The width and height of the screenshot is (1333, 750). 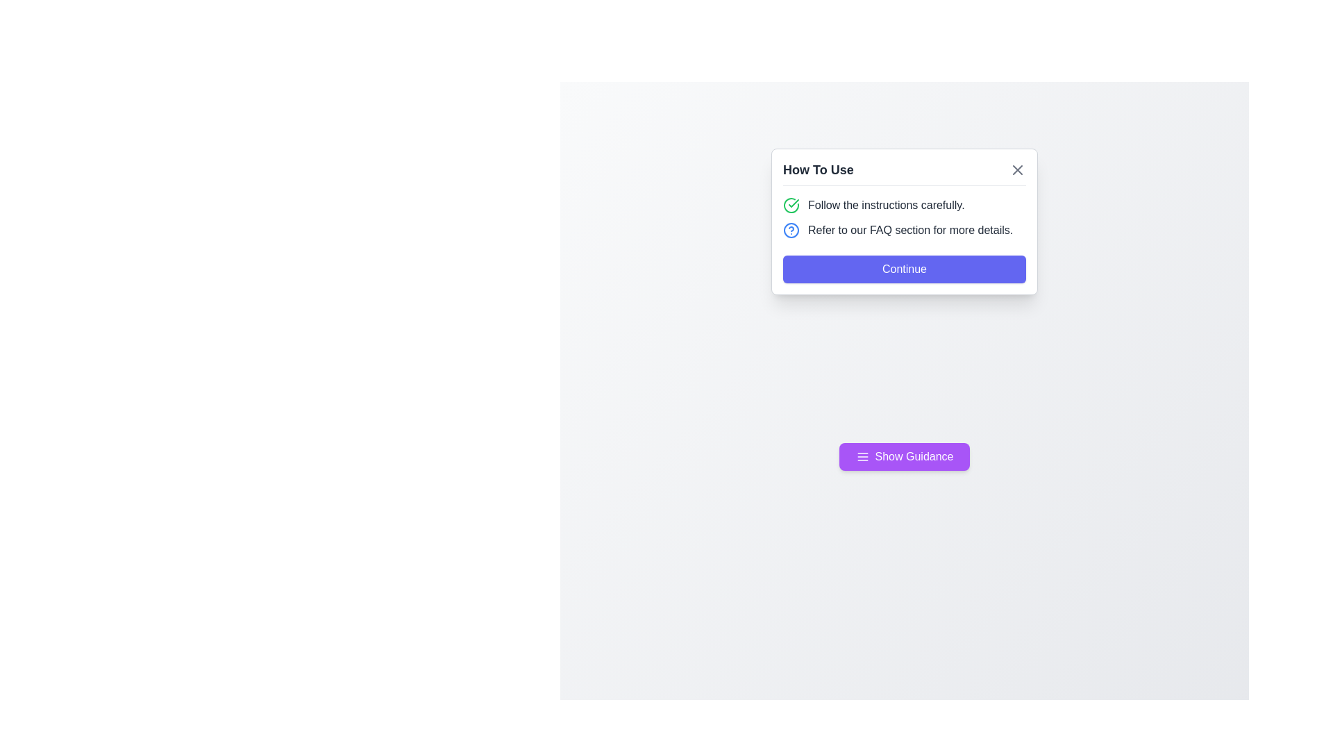 What do you see at coordinates (791, 206) in the screenshot?
I see `the green circular icon with a checkmark that precedes the text 'Follow the instructions carefully.'` at bounding box center [791, 206].